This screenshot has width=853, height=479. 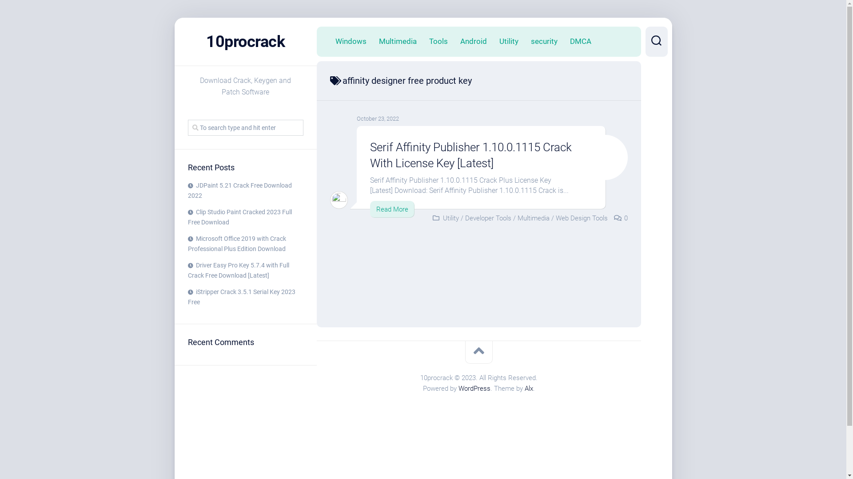 I want to click on 'Tools', so click(x=438, y=41).